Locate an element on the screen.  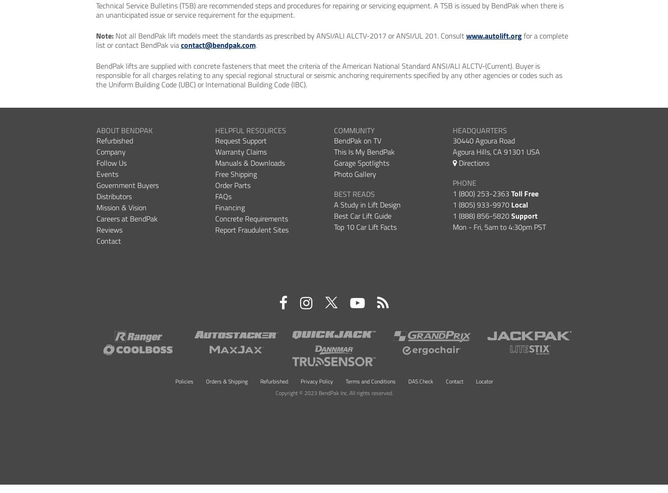
'Policies' is located at coordinates (183, 380).